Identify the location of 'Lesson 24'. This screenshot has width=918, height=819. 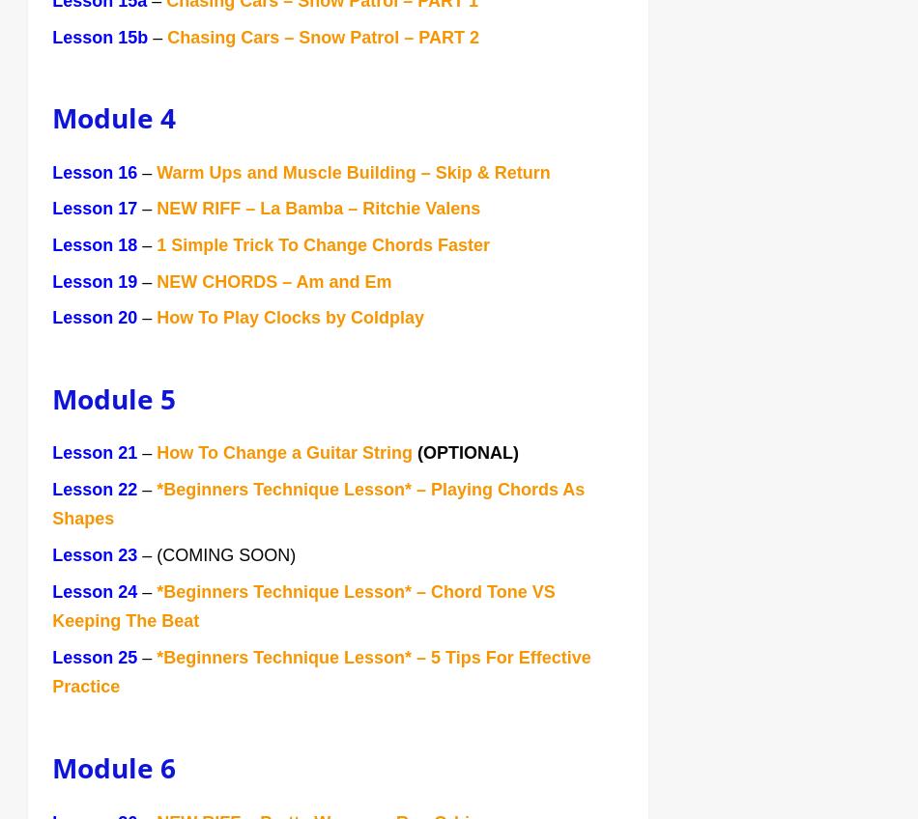
(51, 593).